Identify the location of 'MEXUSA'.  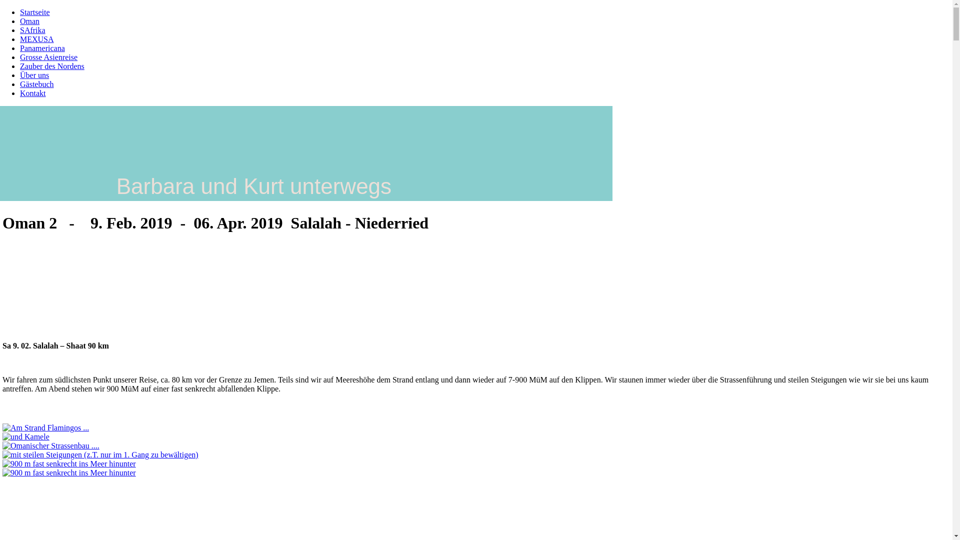
(36, 38).